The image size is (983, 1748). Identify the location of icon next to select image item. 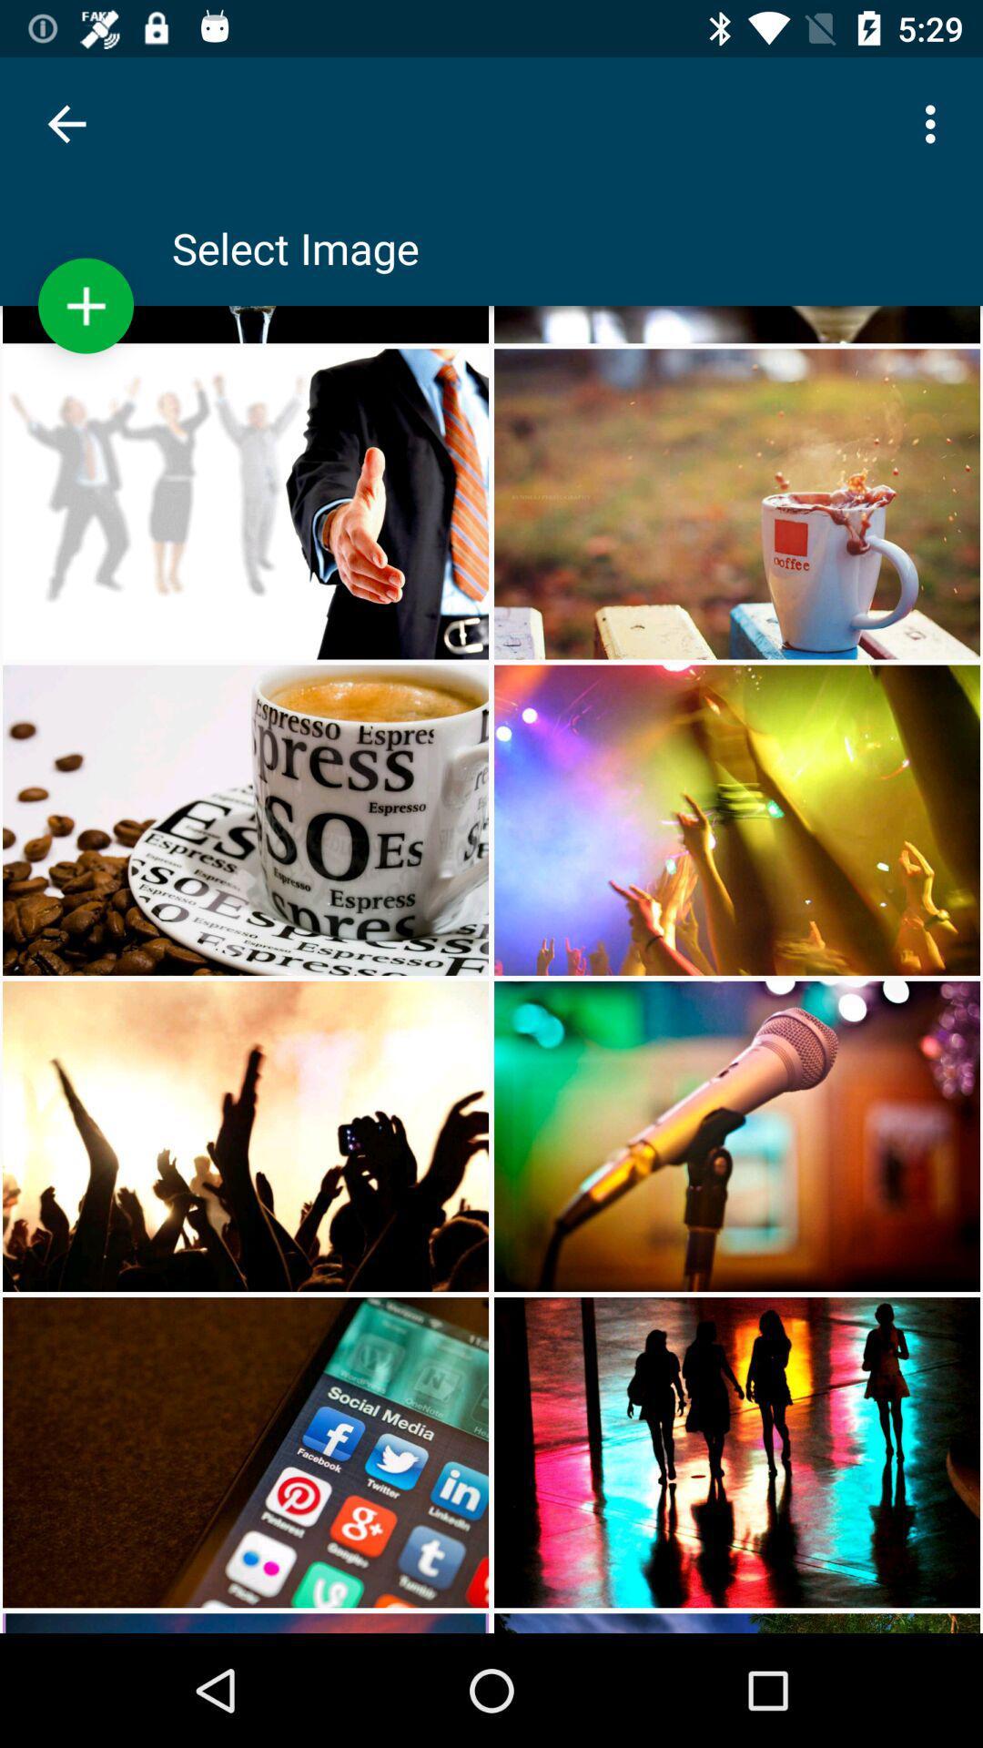
(86, 306).